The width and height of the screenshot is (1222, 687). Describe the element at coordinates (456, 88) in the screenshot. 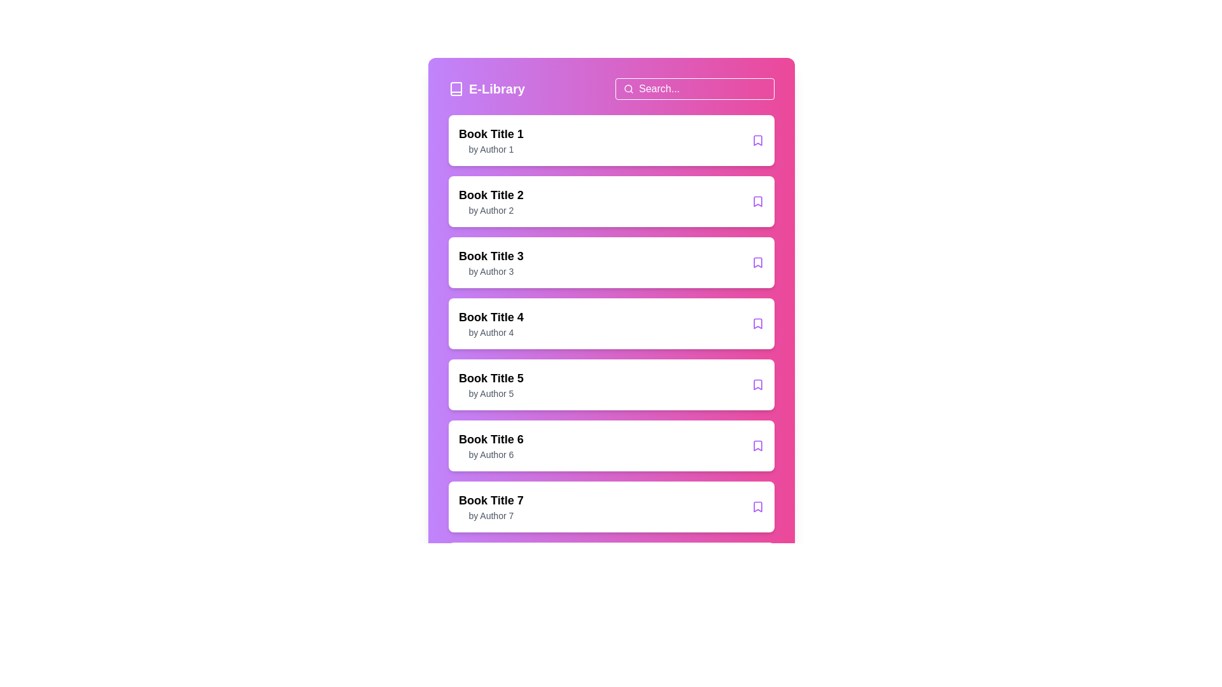

I see `the e-library icon located to the left of the 'E-Library' text in the header section` at that location.